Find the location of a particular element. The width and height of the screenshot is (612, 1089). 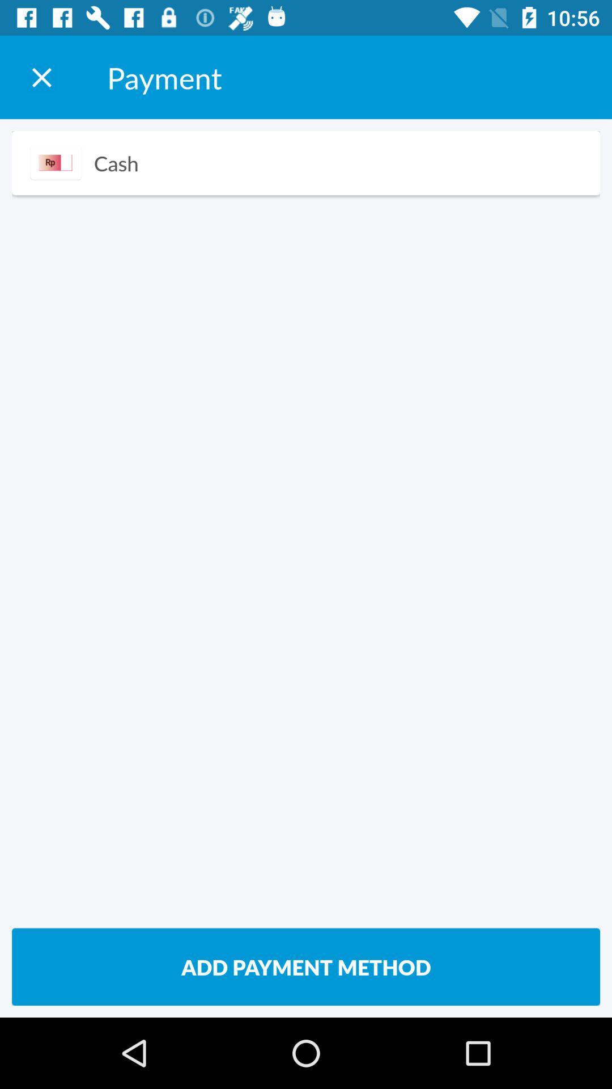

the cash item is located at coordinates (116, 162).